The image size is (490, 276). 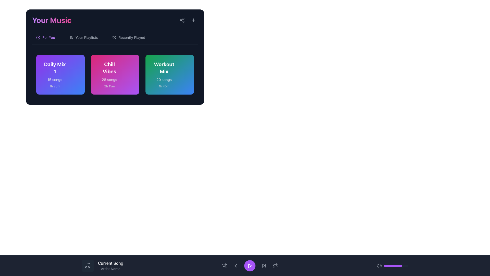 I want to click on the 'Chill Vibes' playlist item, which is the second element in the 'Your Music' section, so click(x=115, y=75).